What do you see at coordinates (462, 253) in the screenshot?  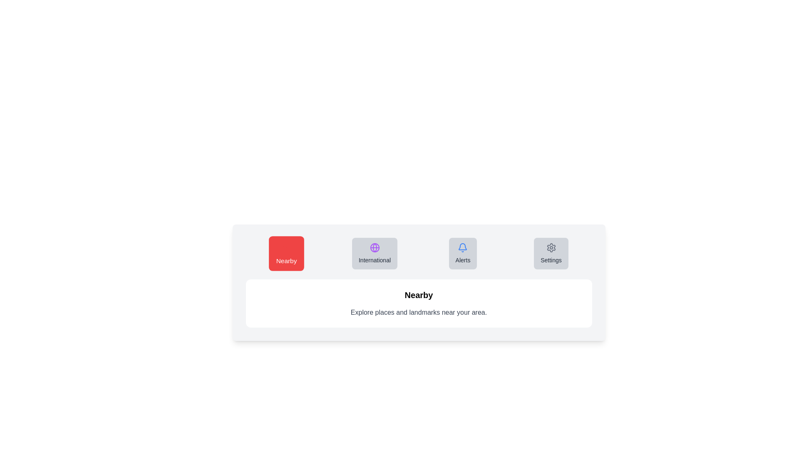 I see `the tab labeled Alerts to observe its hover effect` at bounding box center [462, 253].